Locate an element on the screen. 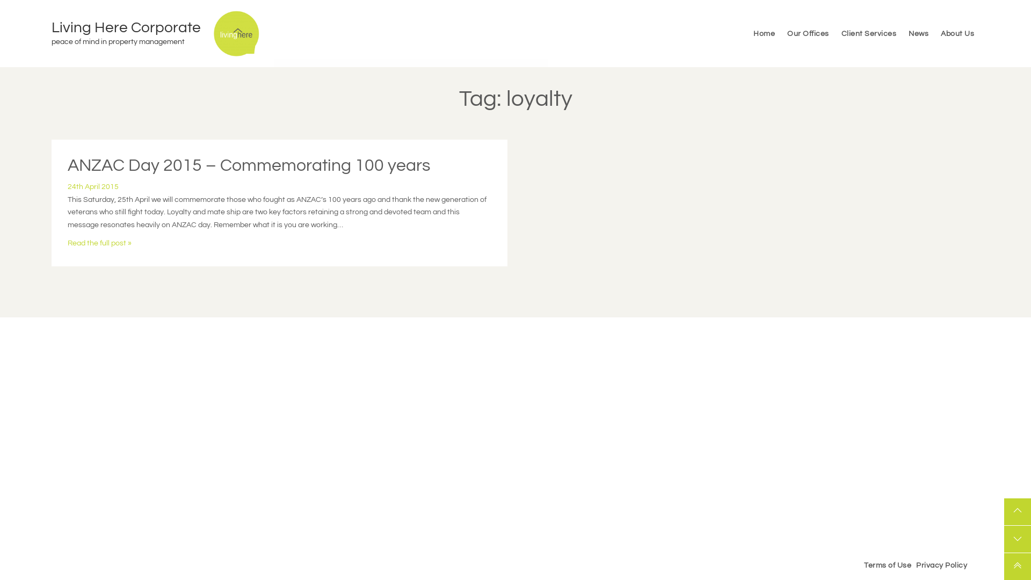  'Privacy Policy' is located at coordinates (914, 565).